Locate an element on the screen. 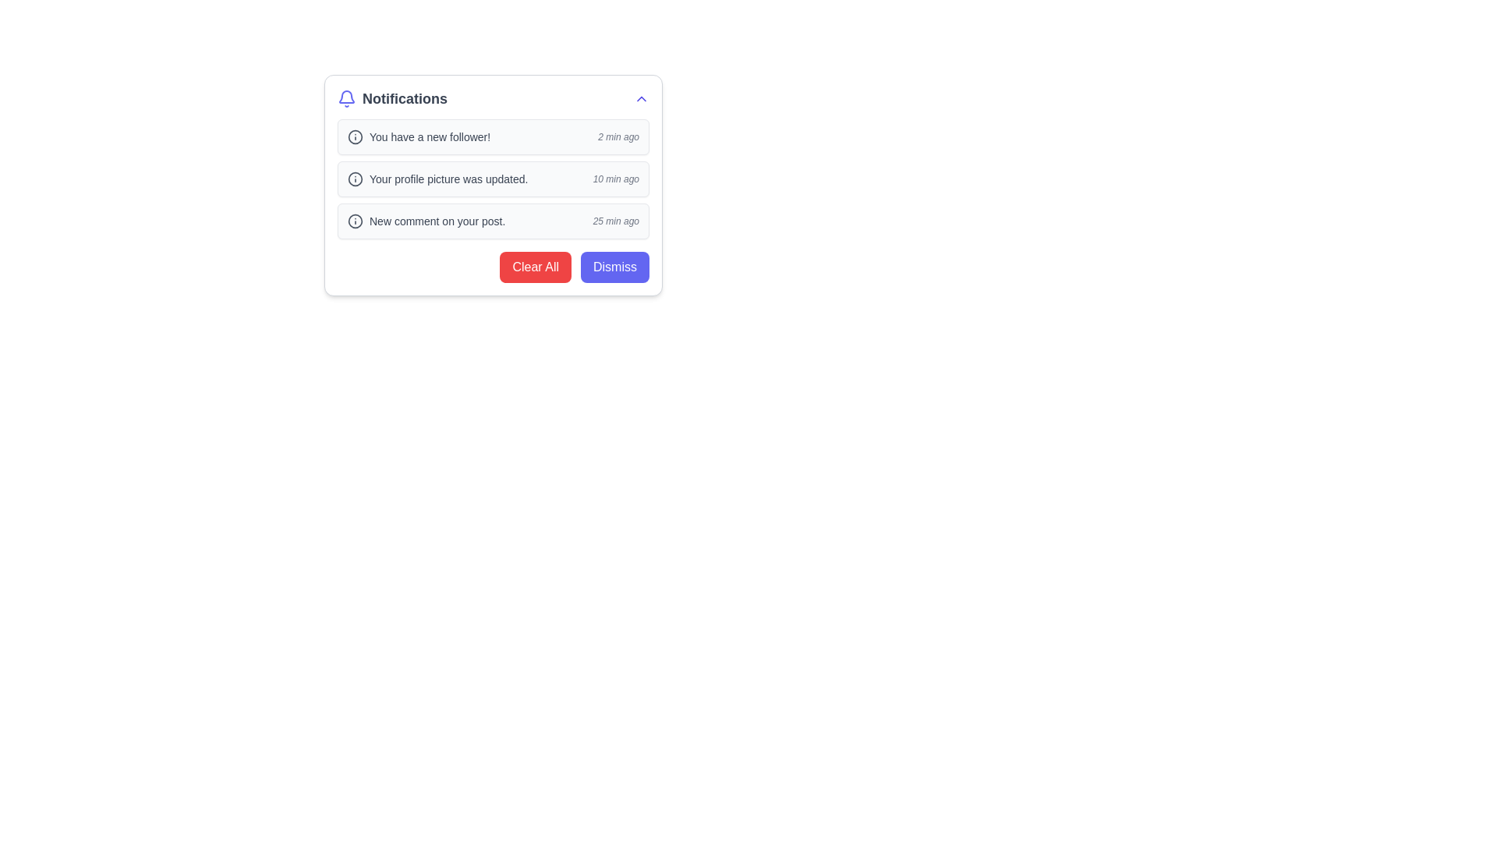 This screenshot has width=1497, height=842. text content of the third notification item in the notifications panel, which displays 'New comment on your post.' is located at coordinates (426, 221).